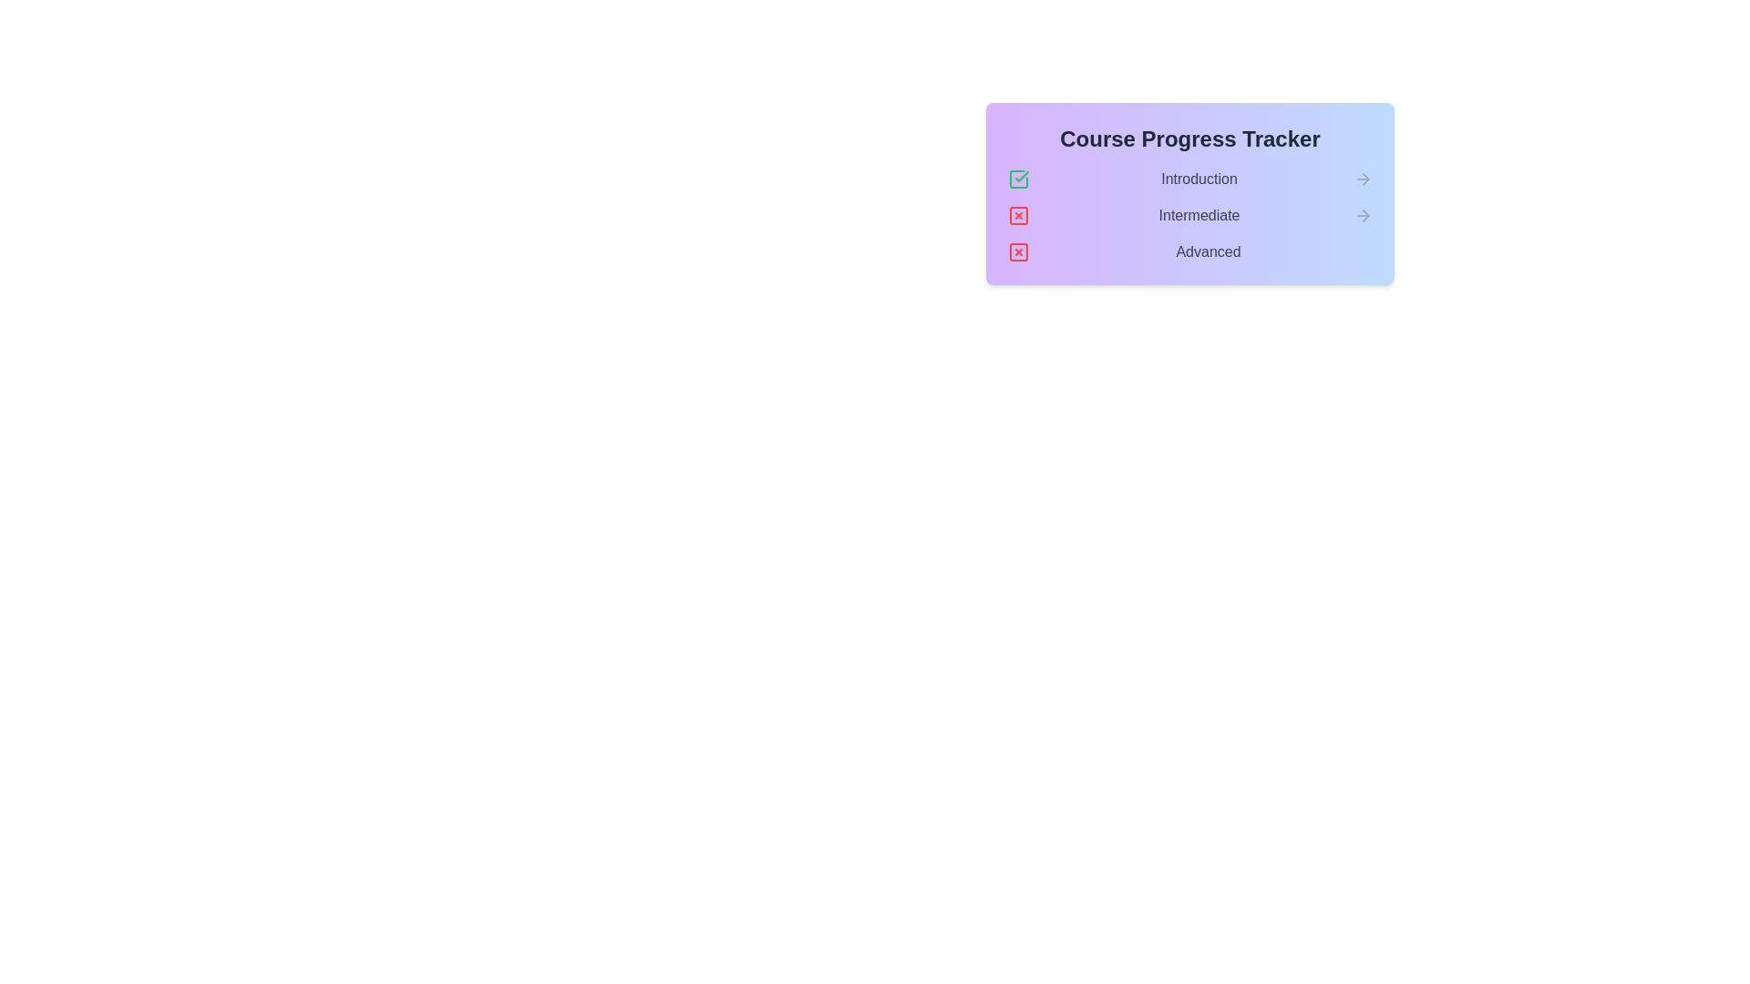  What do you see at coordinates (1364, 179) in the screenshot?
I see `the arrow icon to the right of the stage Introduction` at bounding box center [1364, 179].